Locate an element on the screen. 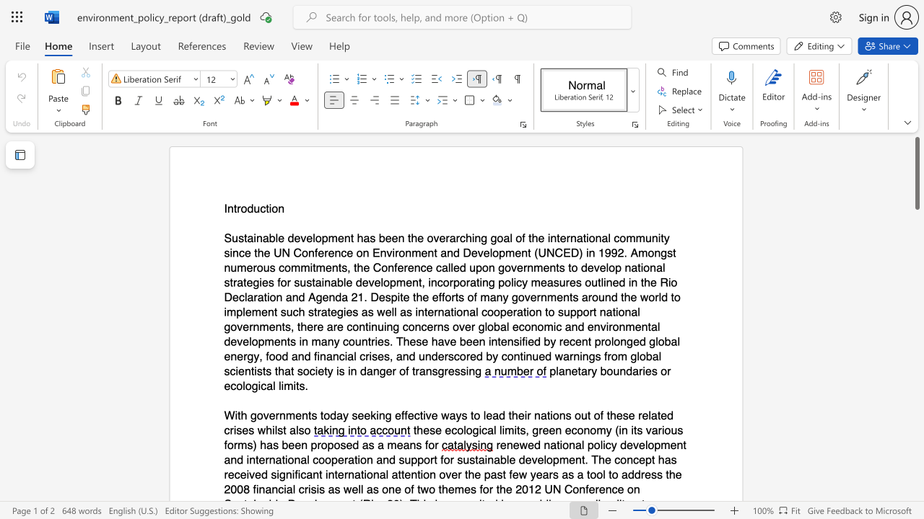 This screenshot has width=924, height=519. the scrollbar to move the view down is located at coordinates (916, 366).